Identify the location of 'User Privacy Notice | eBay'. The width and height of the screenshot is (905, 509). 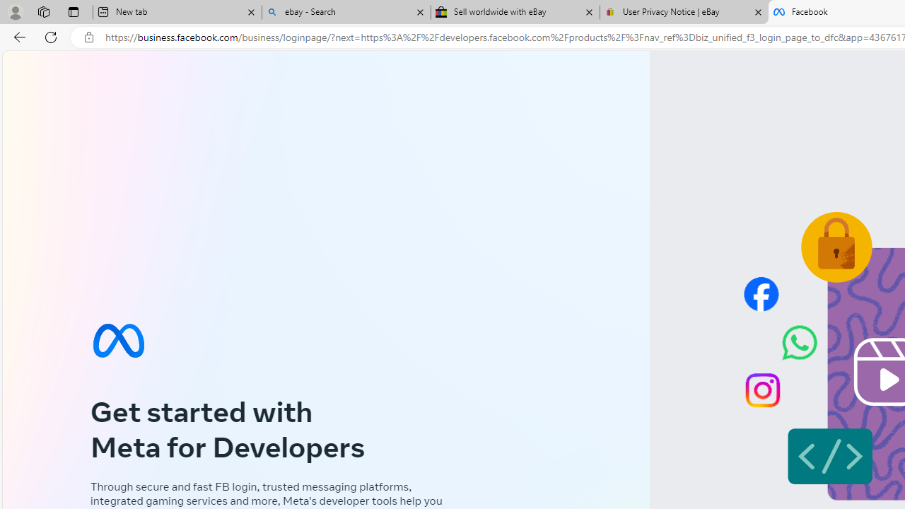
(684, 12).